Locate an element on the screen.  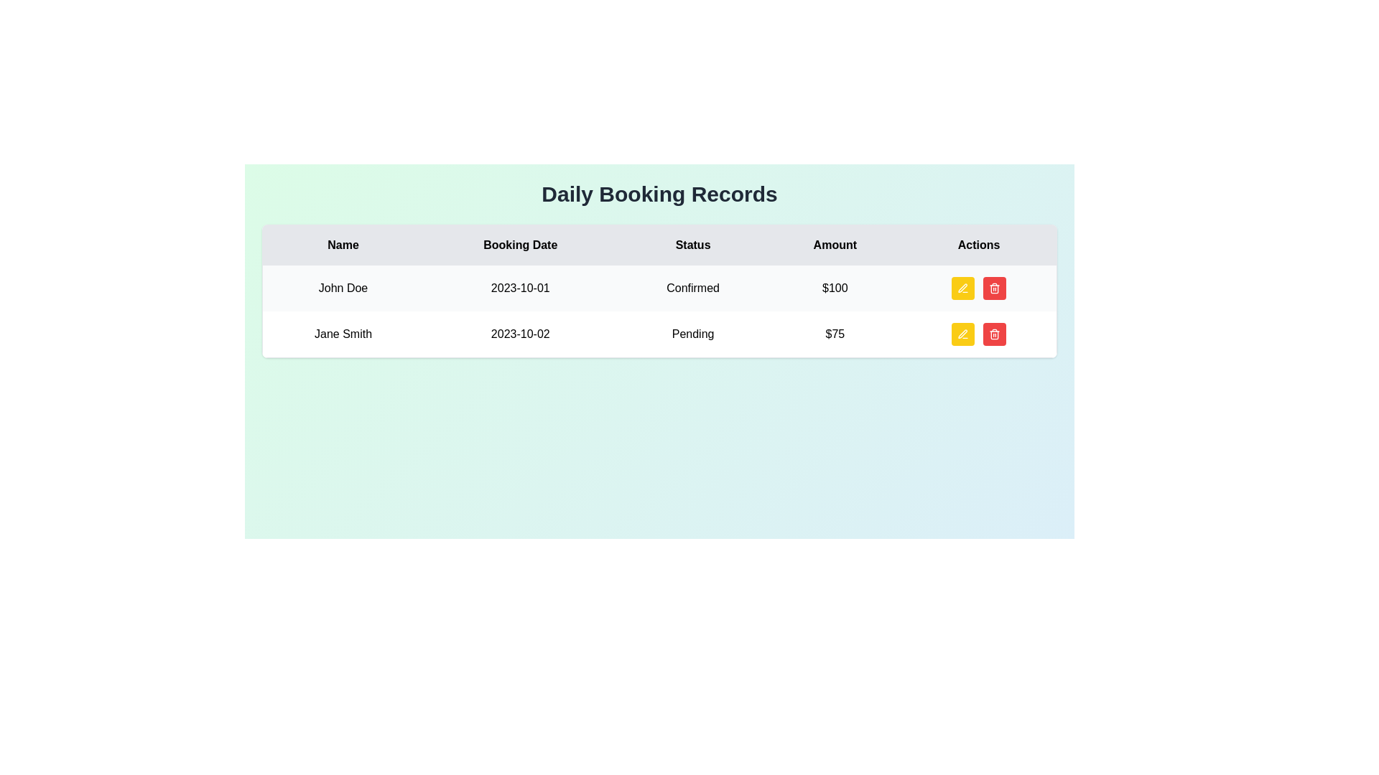
the header label indicating the dates of bookings, which is the second item in the header row of the table, positioned between 'Name' and 'Status' is located at coordinates (519, 244).